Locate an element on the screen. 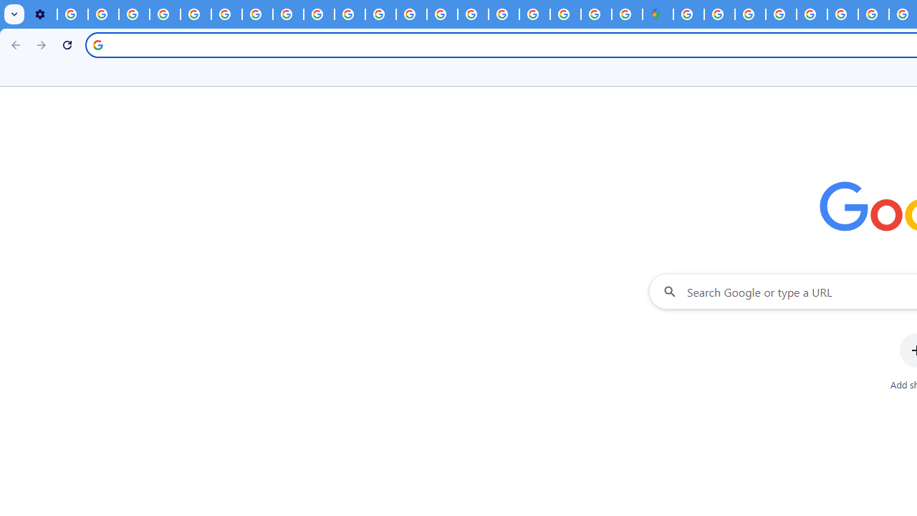 Image resolution: width=917 pixels, height=516 pixels. 'Learn how to find your photos - Google Photos Help' is located at coordinates (102, 14).